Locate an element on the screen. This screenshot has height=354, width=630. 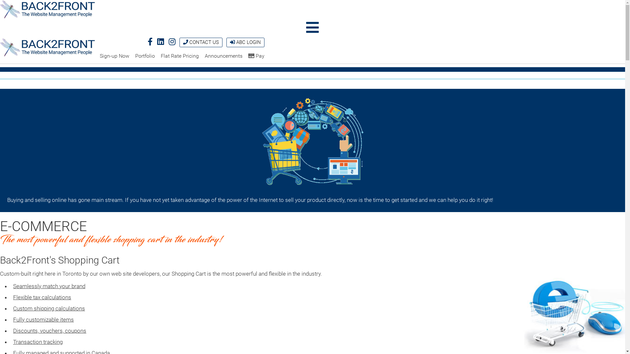
'Follow Us On Instagram' is located at coordinates (172, 42).